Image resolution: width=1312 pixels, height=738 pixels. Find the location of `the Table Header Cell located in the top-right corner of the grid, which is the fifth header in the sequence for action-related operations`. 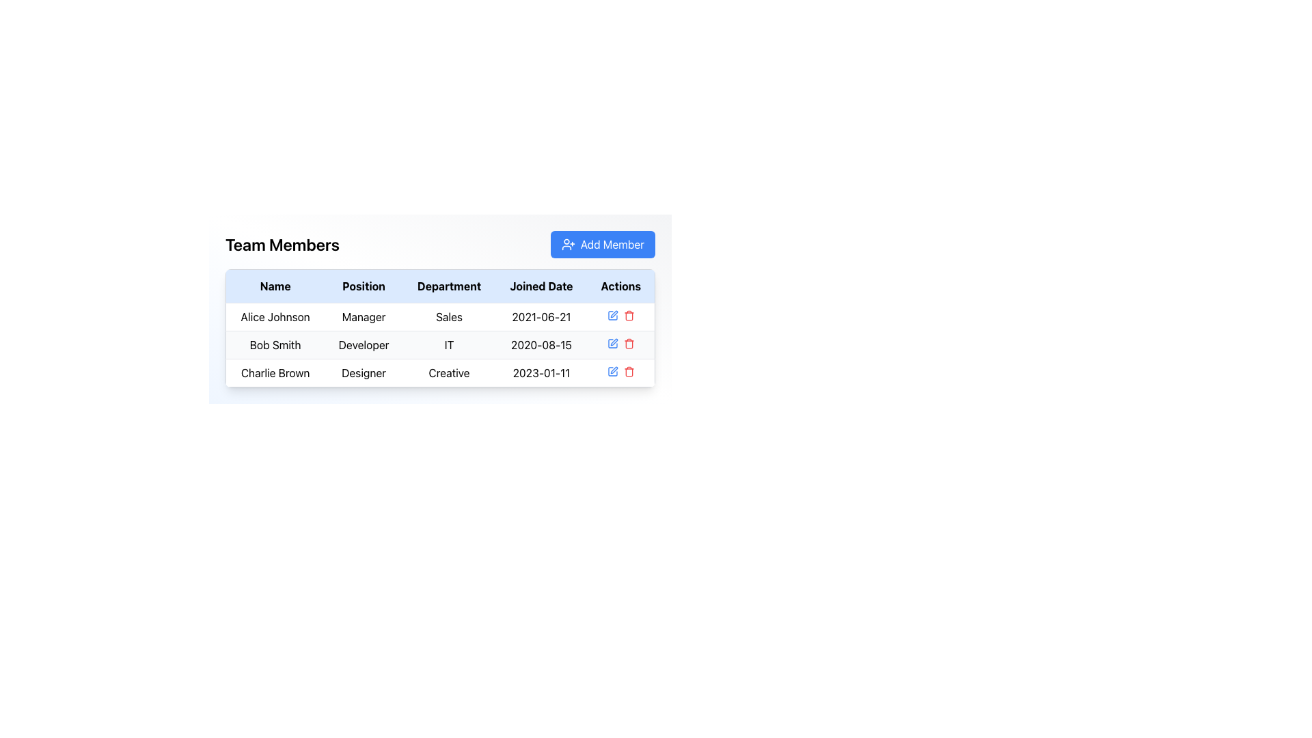

the Table Header Cell located in the top-right corner of the grid, which is the fifth header in the sequence for action-related operations is located at coordinates (620, 286).